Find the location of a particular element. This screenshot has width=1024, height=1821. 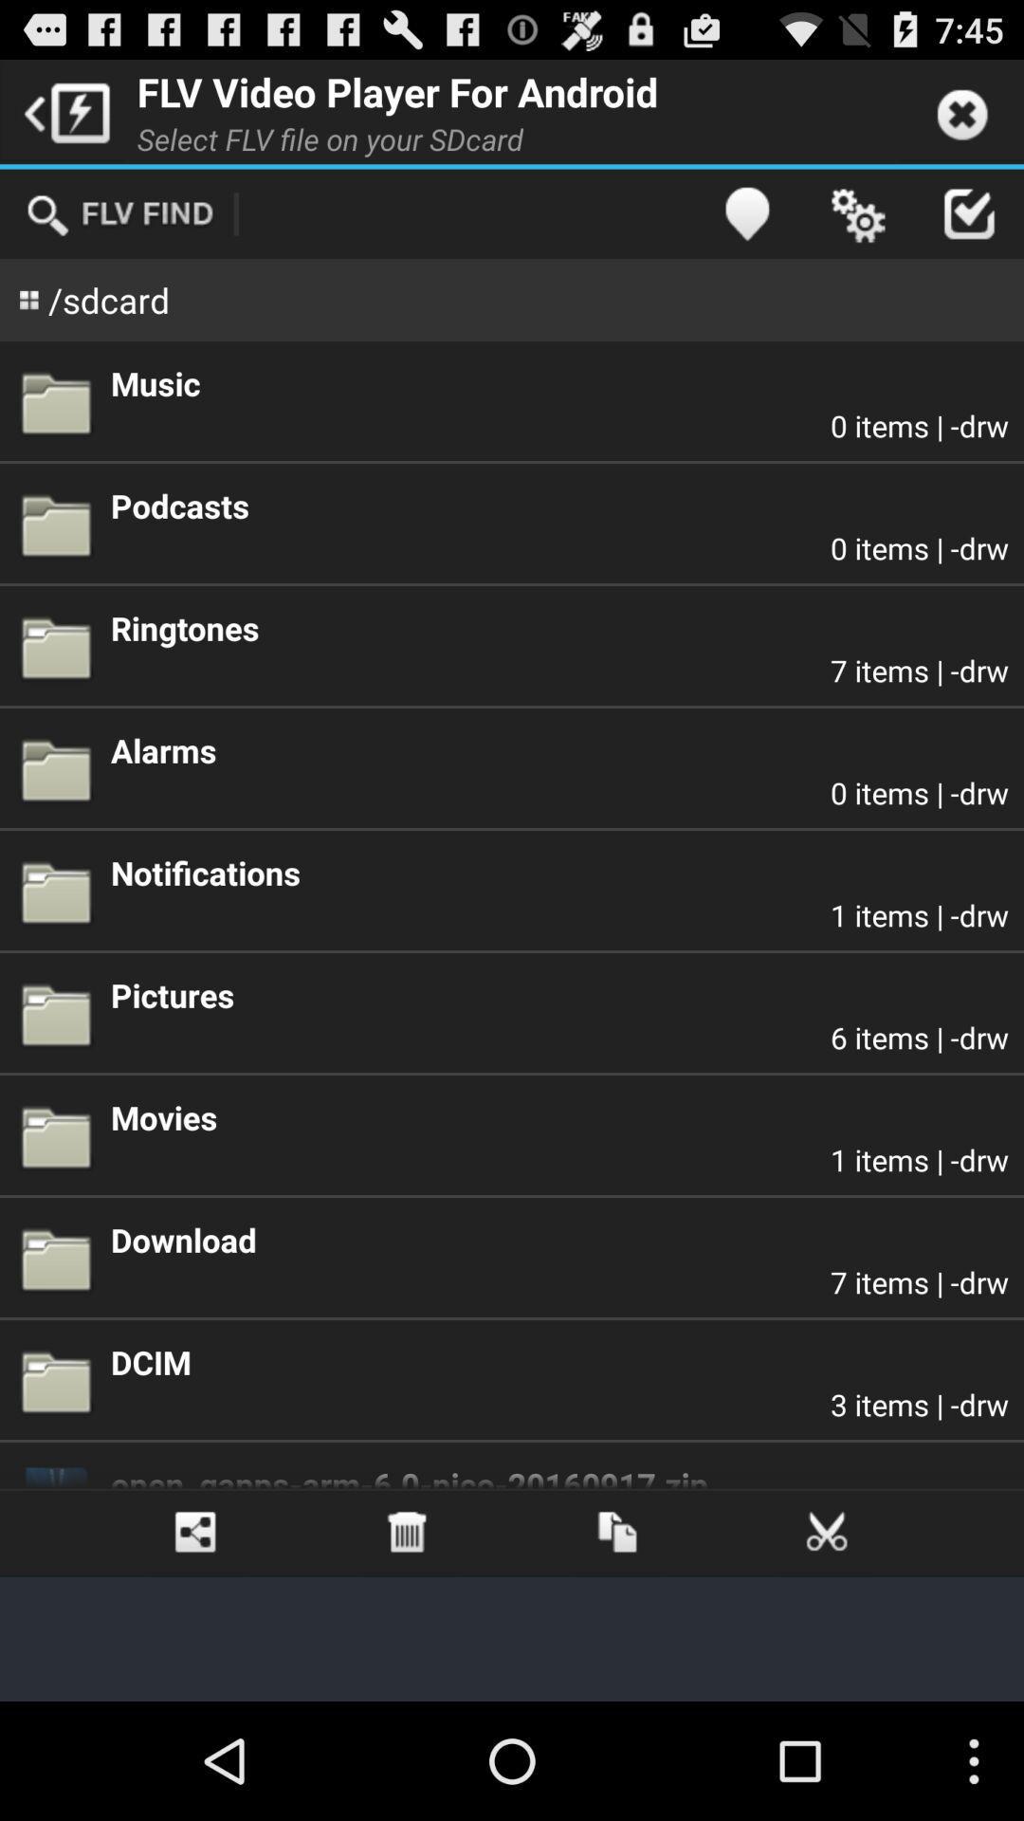

notifications app is located at coordinates (558, 872).